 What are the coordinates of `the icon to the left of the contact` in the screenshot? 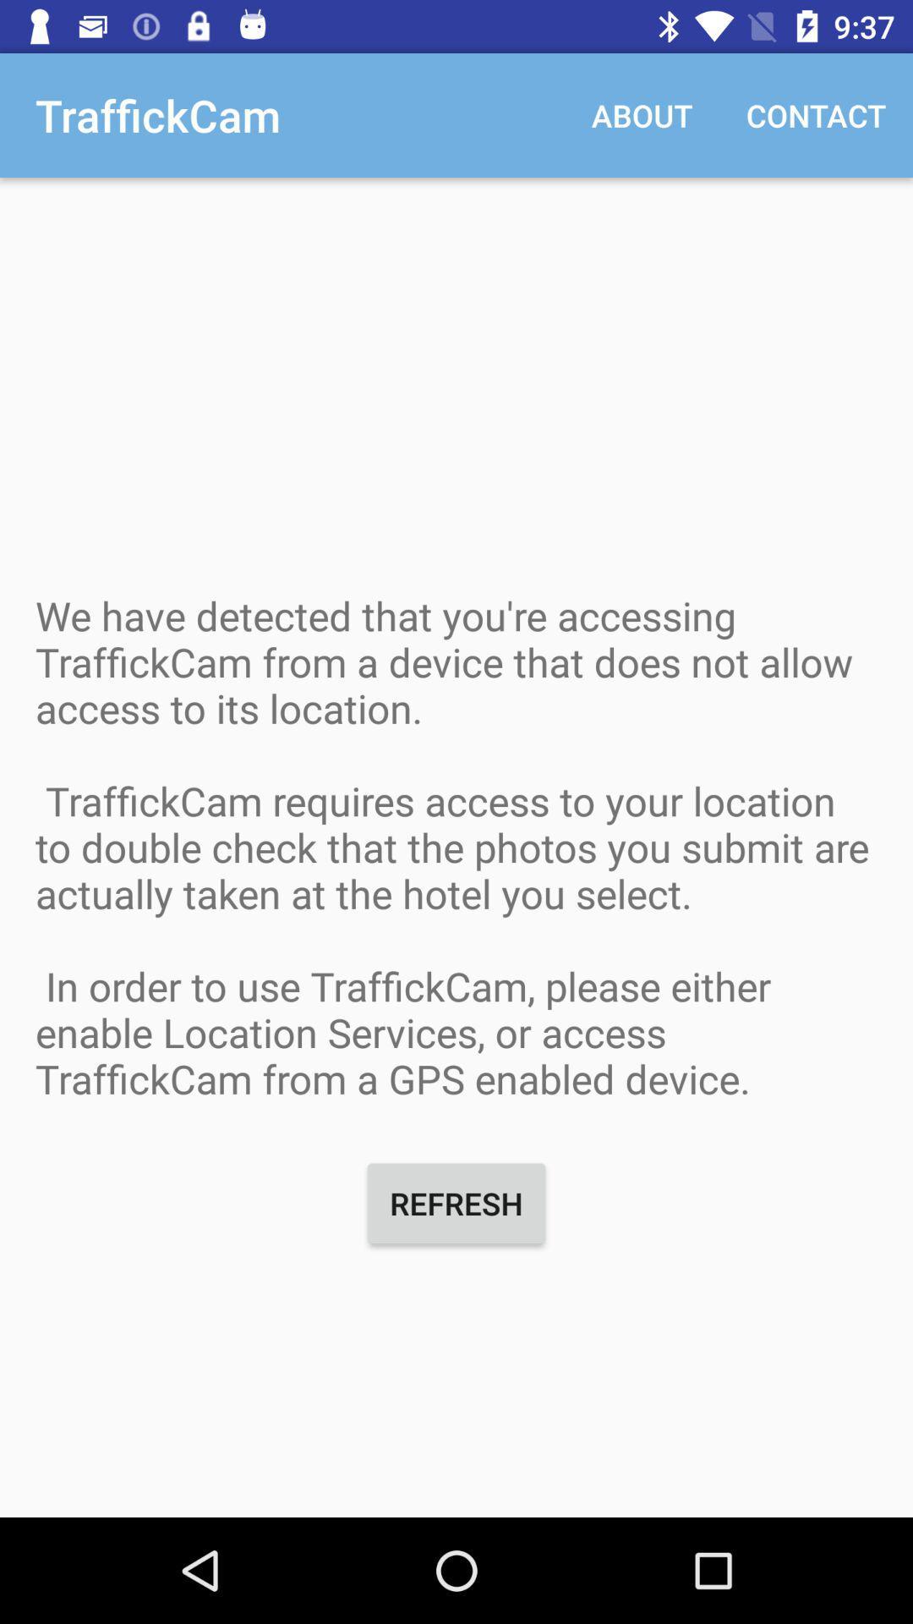 It's located at (642, 114).